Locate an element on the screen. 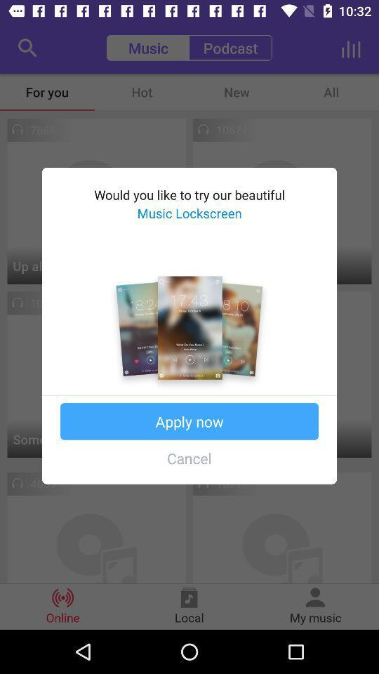 The image size is (379, 674). apply now item is located at coordinates (189, 421).